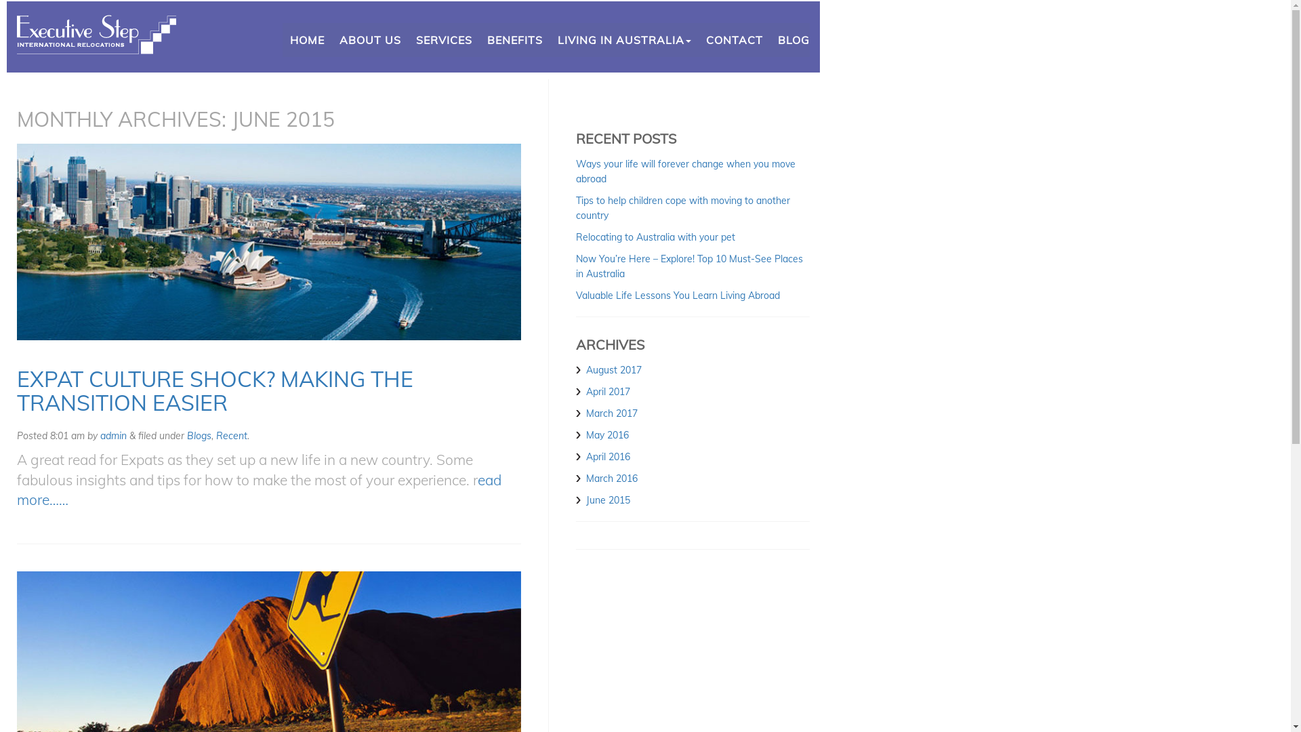 This screenshot has height=732, width=1301. I want to click on 'March 2017', so click(611, 412).